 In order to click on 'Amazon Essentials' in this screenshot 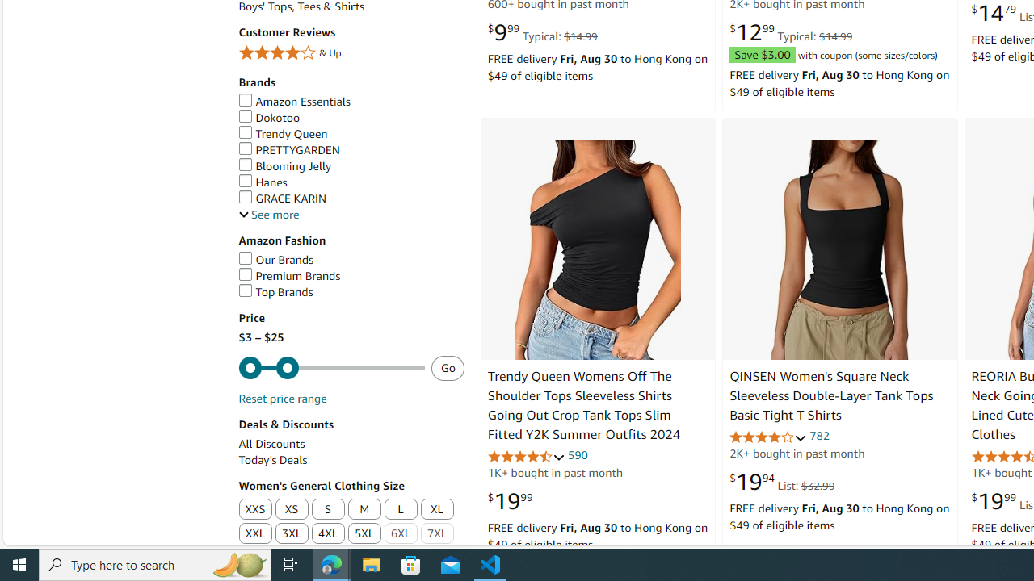, I will do `click(350, 102)`.